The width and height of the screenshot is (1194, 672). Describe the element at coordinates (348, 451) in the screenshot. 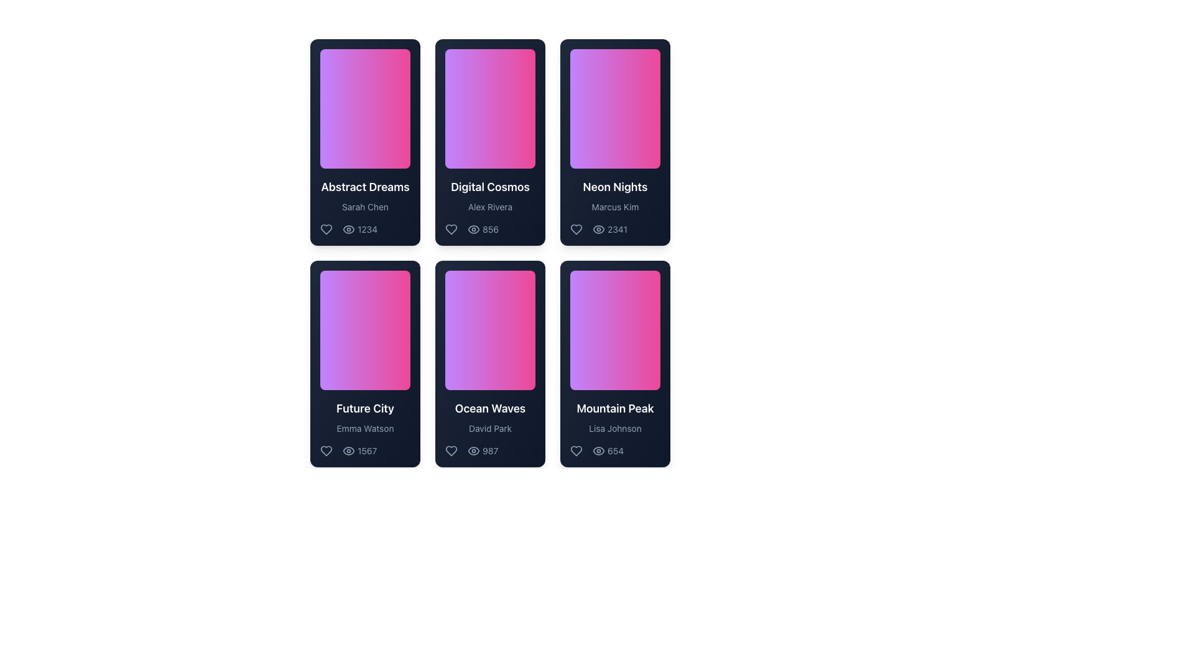

I see `numerical view count displayed as '1567' in the text and icon pair located in the bottom section of the card titled 'Future City' by 'Emma Watson'` at that location.